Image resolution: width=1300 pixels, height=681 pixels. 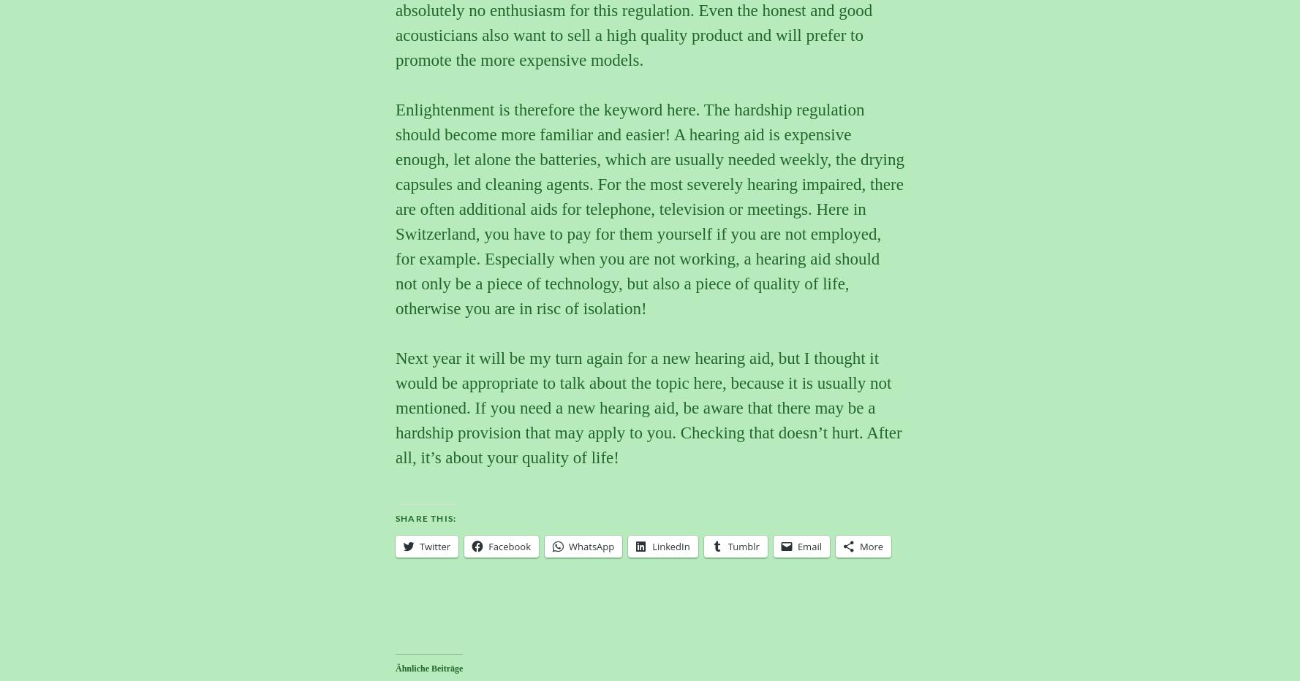 What do you see at coordinates (796, 544) in the screenshot?
I see `'Email'` at bounding box center [796, 544].